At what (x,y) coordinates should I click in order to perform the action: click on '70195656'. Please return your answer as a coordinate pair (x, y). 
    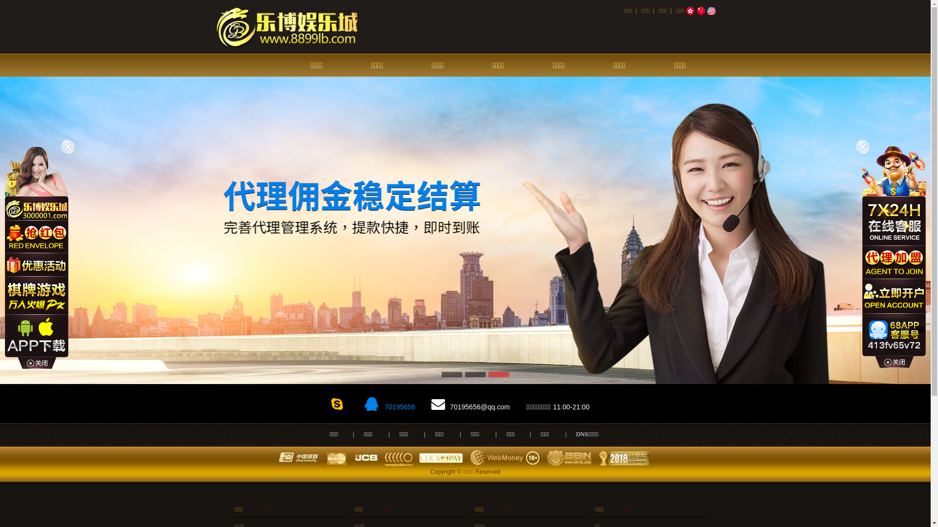
    Looking at the image, I should click on (382, 406).